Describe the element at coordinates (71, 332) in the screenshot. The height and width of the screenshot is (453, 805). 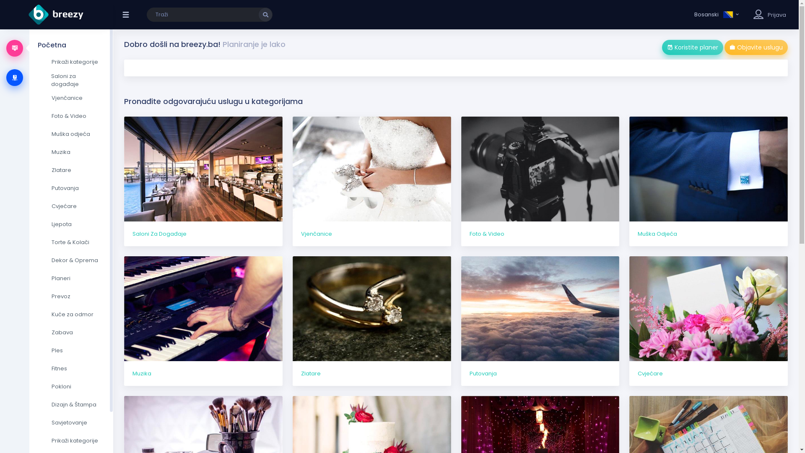
I see `'Zabava'` at that location.